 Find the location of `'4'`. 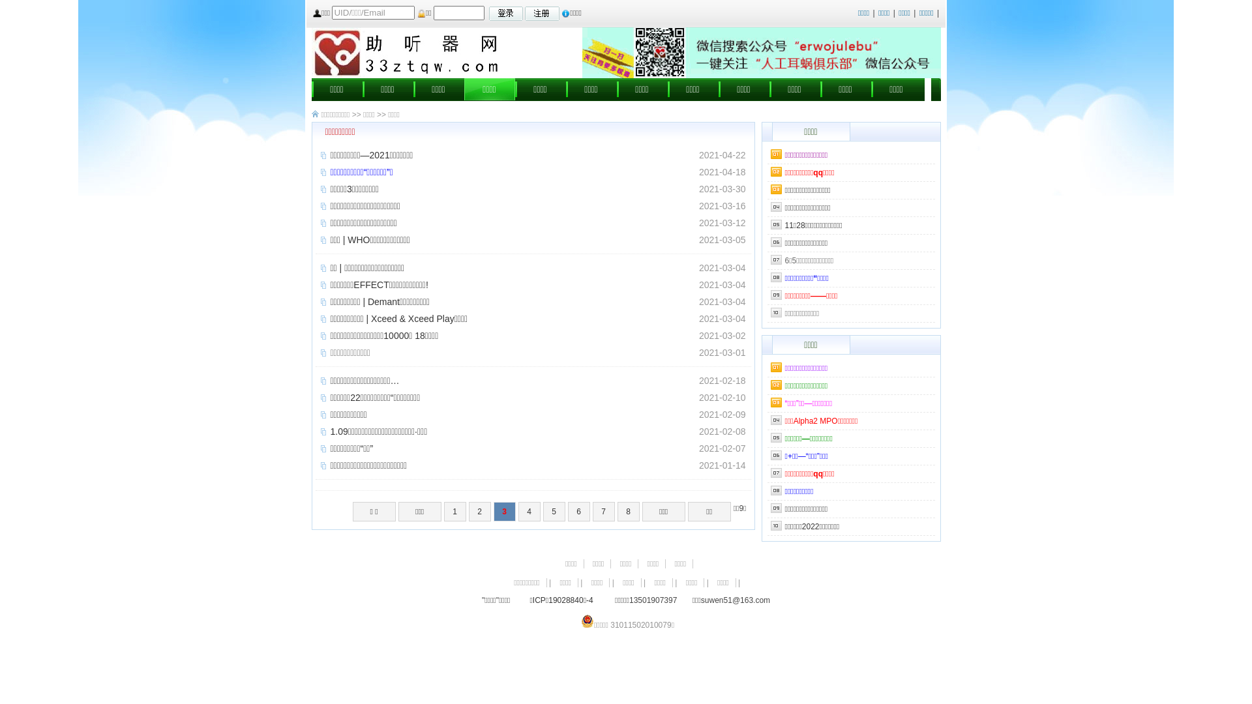

'4' is located at coordinates (529, 511).